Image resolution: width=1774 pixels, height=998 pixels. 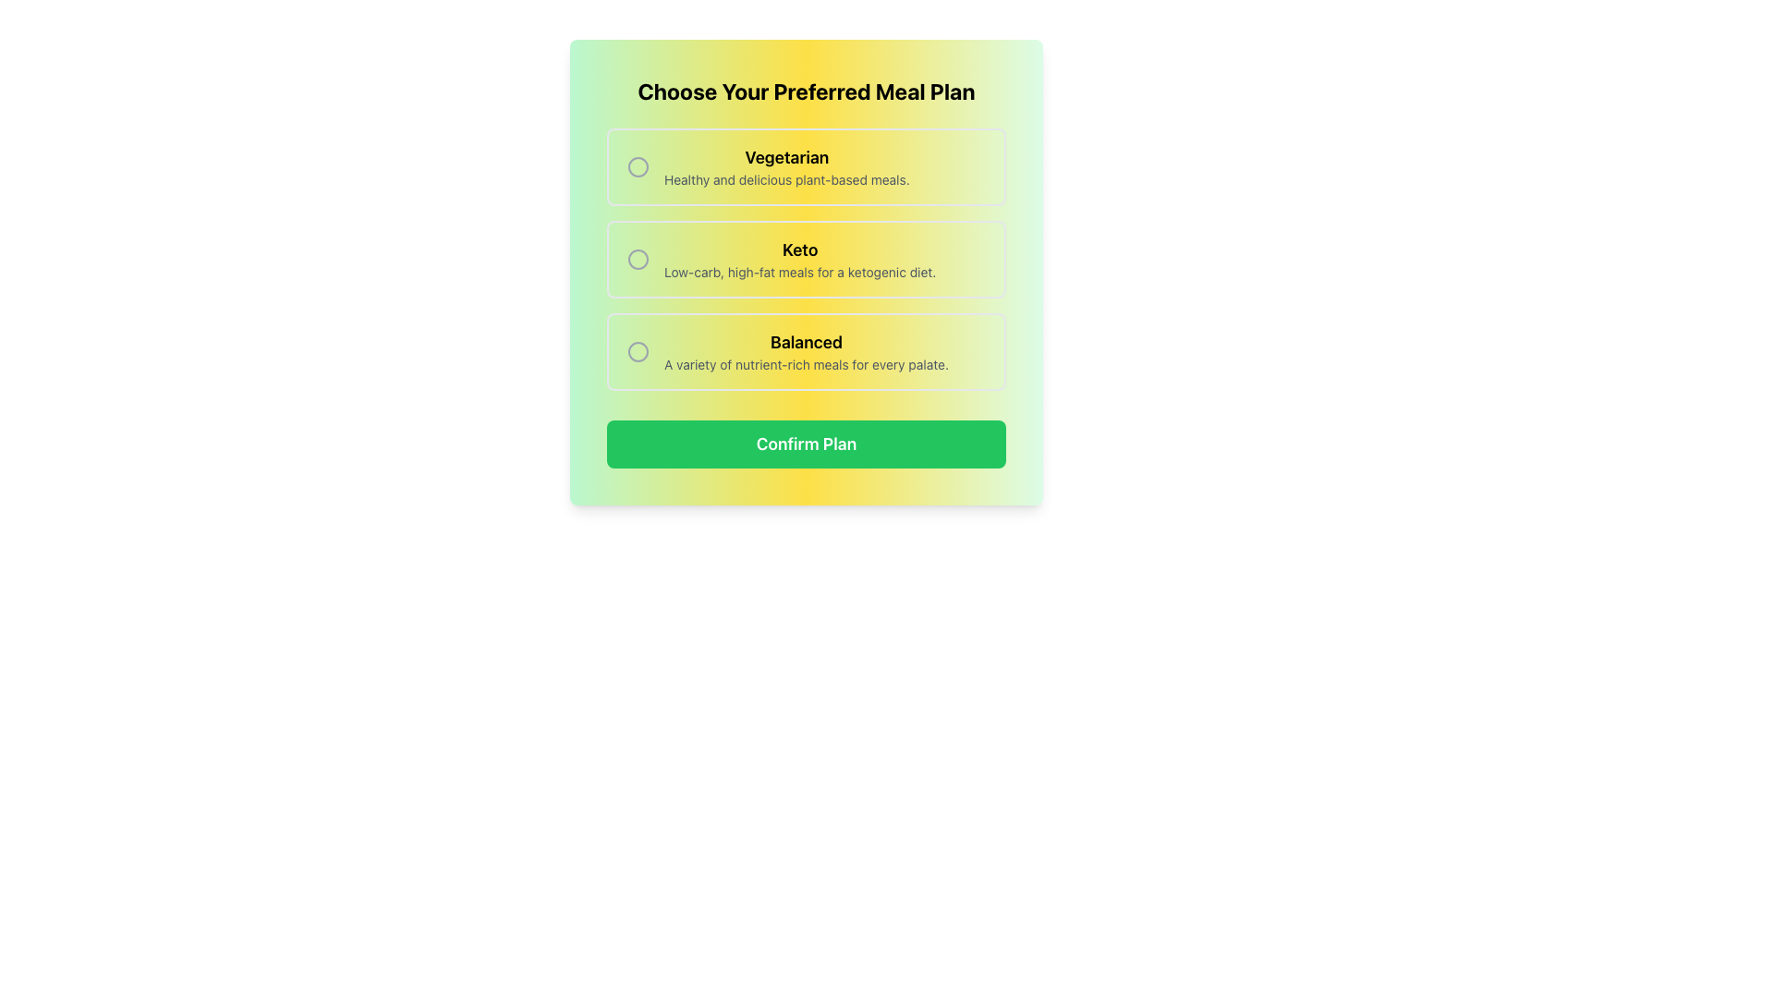 What do you see at coordinates (807, 342) in the screenshot?
I see `the Text Label that serves as the title for the Balanced meal plan option, located above the descriptive text about nutrient-rich meals, in the third card of a vertically stacked list` at bounding box center [807, 342].